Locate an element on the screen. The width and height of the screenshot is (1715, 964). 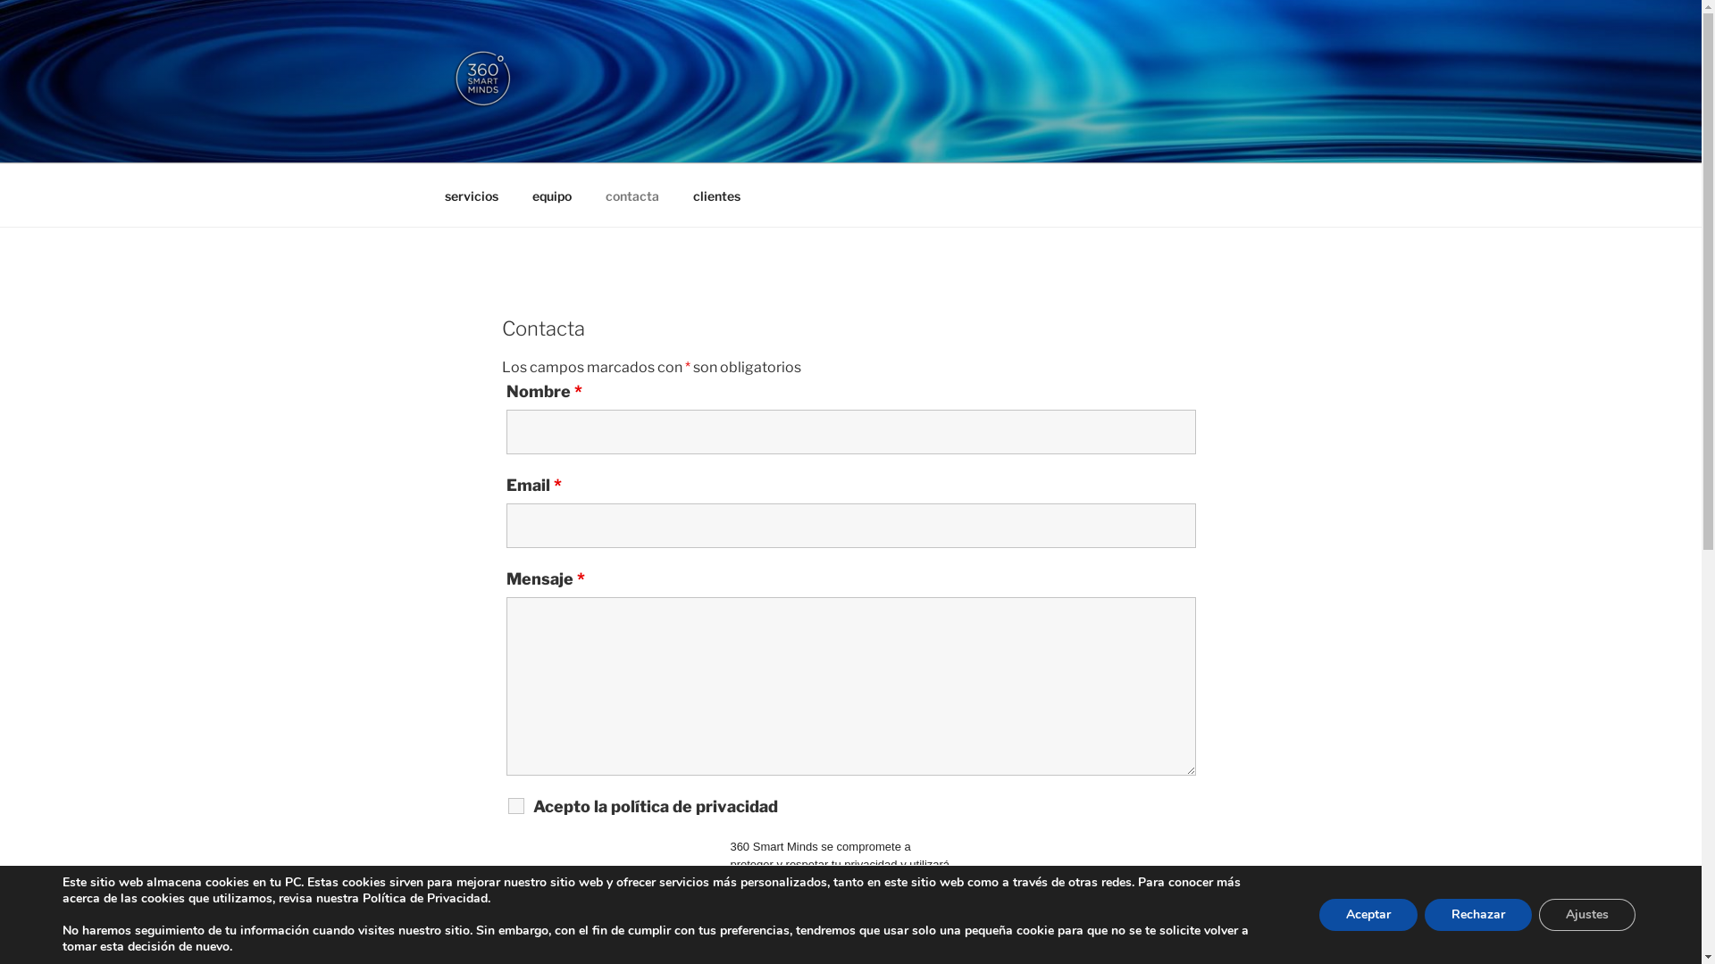
'Rechazar' is located at coordinates (1478, 915).